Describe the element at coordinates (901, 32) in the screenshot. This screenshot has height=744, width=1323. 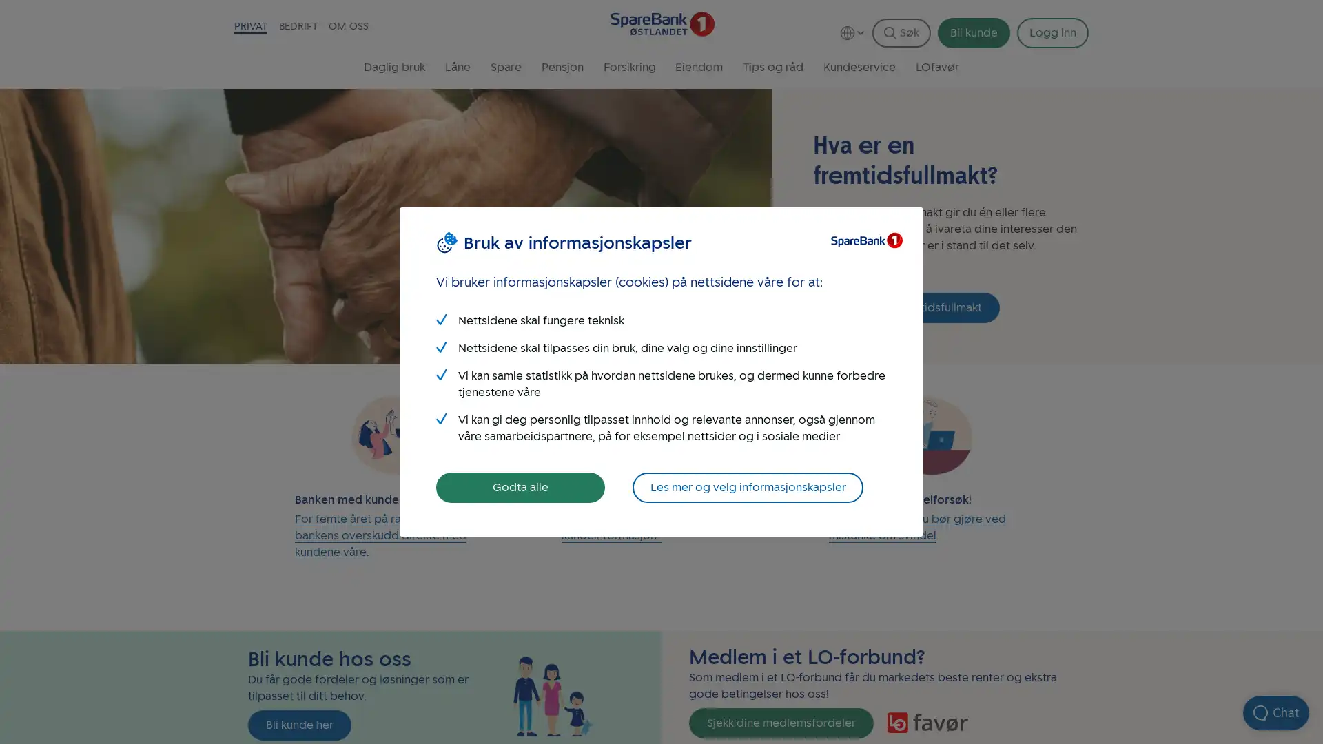
I see `Sk` at that location.